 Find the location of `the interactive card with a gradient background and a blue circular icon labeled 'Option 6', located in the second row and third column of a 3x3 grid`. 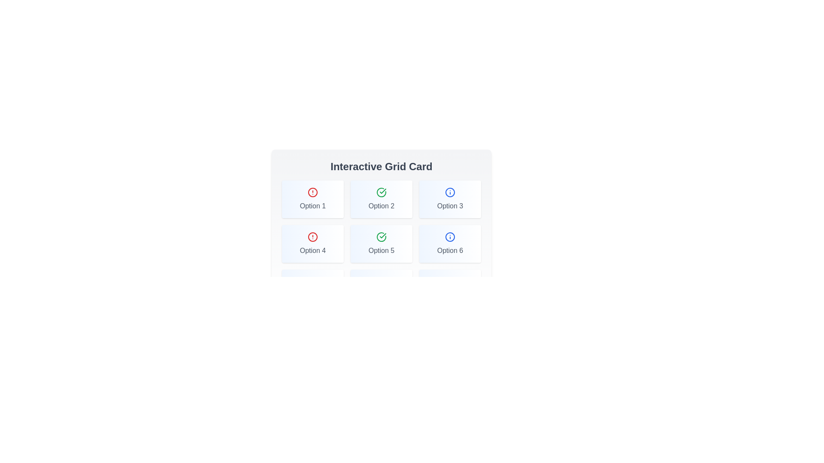

the interactive card with a gradient background and a blue circular icon labeled 'Option 6', located in the second row and third column of a 3x3 grid is located at coordinates (450, 244).